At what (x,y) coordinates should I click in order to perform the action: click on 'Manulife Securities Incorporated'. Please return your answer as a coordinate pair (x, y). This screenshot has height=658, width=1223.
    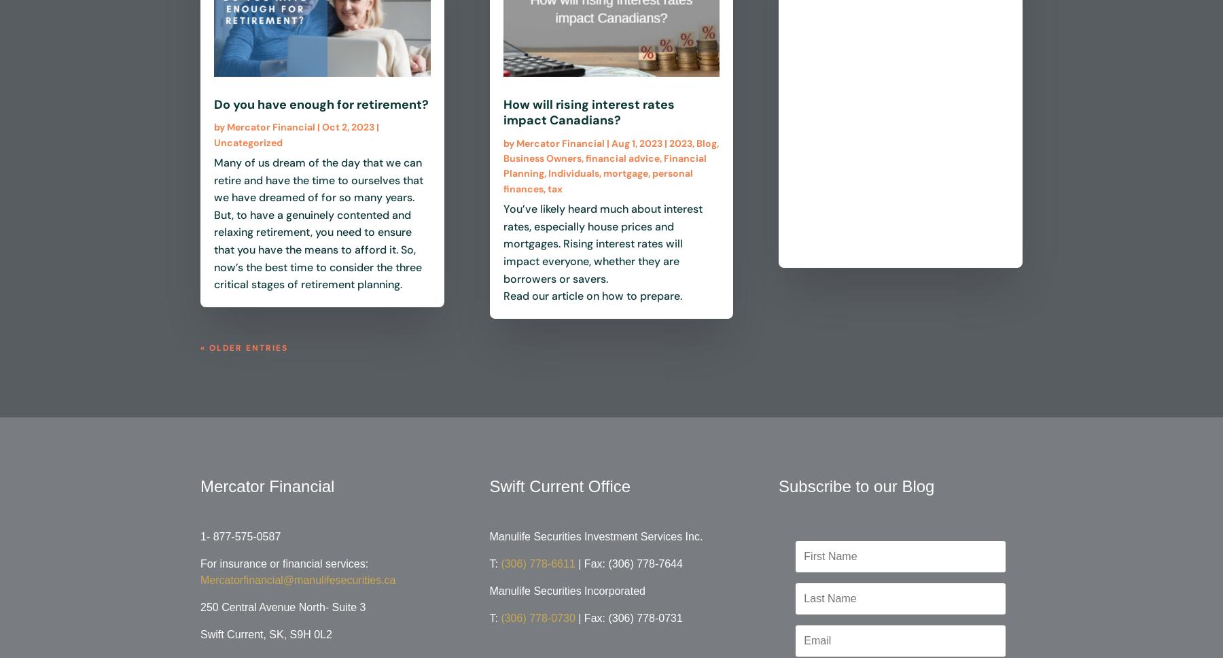
    Looking at the image, I should click on (567, 589).